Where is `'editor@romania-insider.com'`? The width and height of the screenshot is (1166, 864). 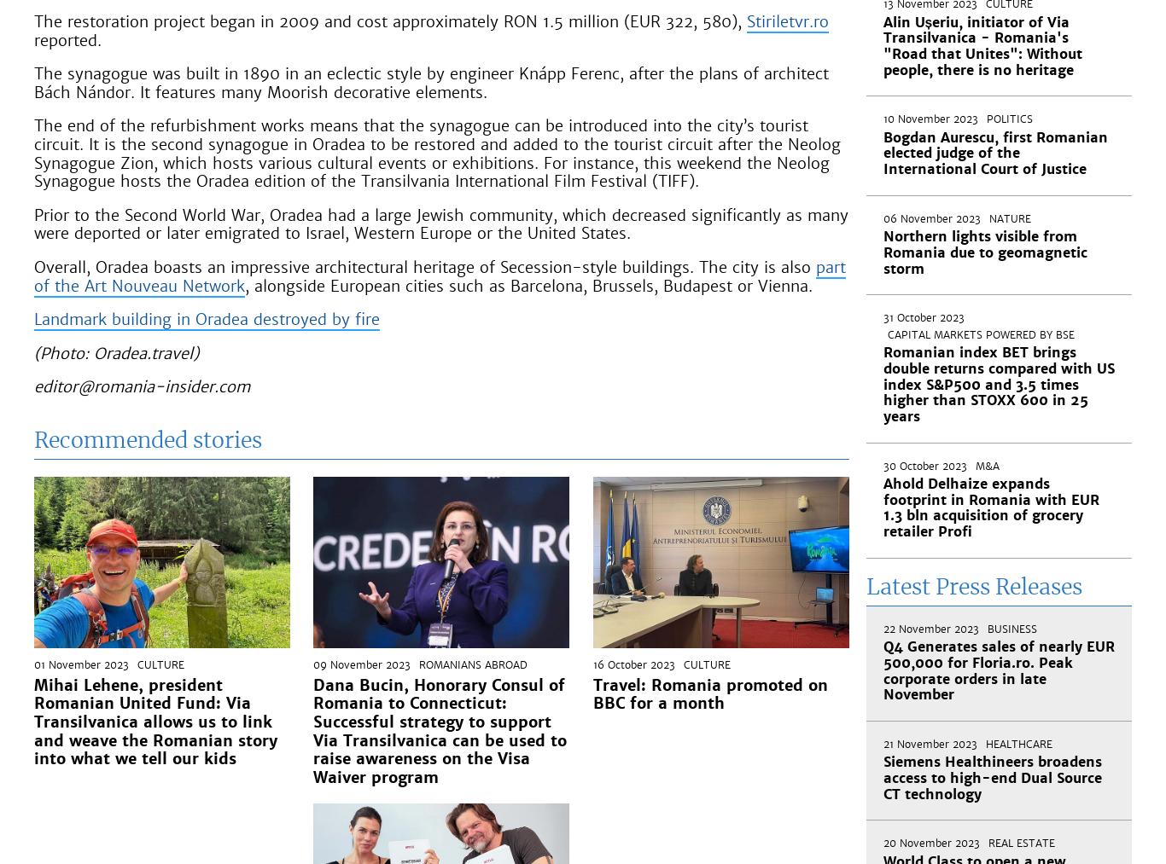 'editor@romania-insider.com' is located at coordinates (141, 386).